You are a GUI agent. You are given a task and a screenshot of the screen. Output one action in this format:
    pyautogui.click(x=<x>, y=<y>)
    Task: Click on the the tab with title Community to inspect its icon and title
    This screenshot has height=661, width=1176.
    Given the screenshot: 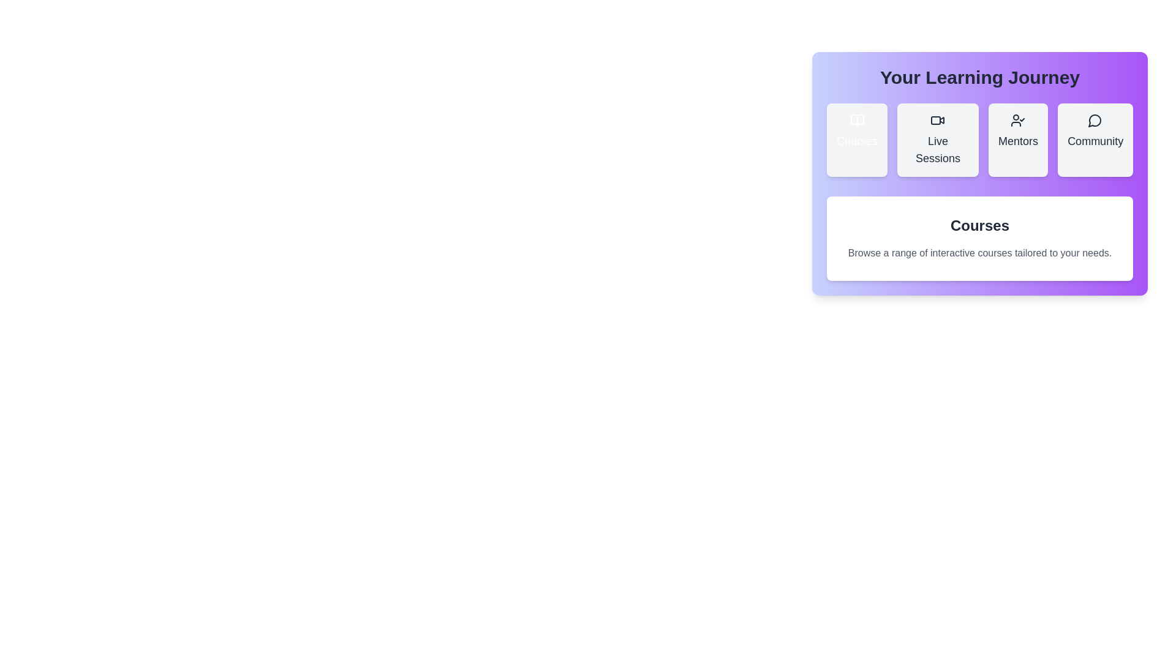 What is the action you would take?
    pyautogui.click(x=1095, y=139)
    